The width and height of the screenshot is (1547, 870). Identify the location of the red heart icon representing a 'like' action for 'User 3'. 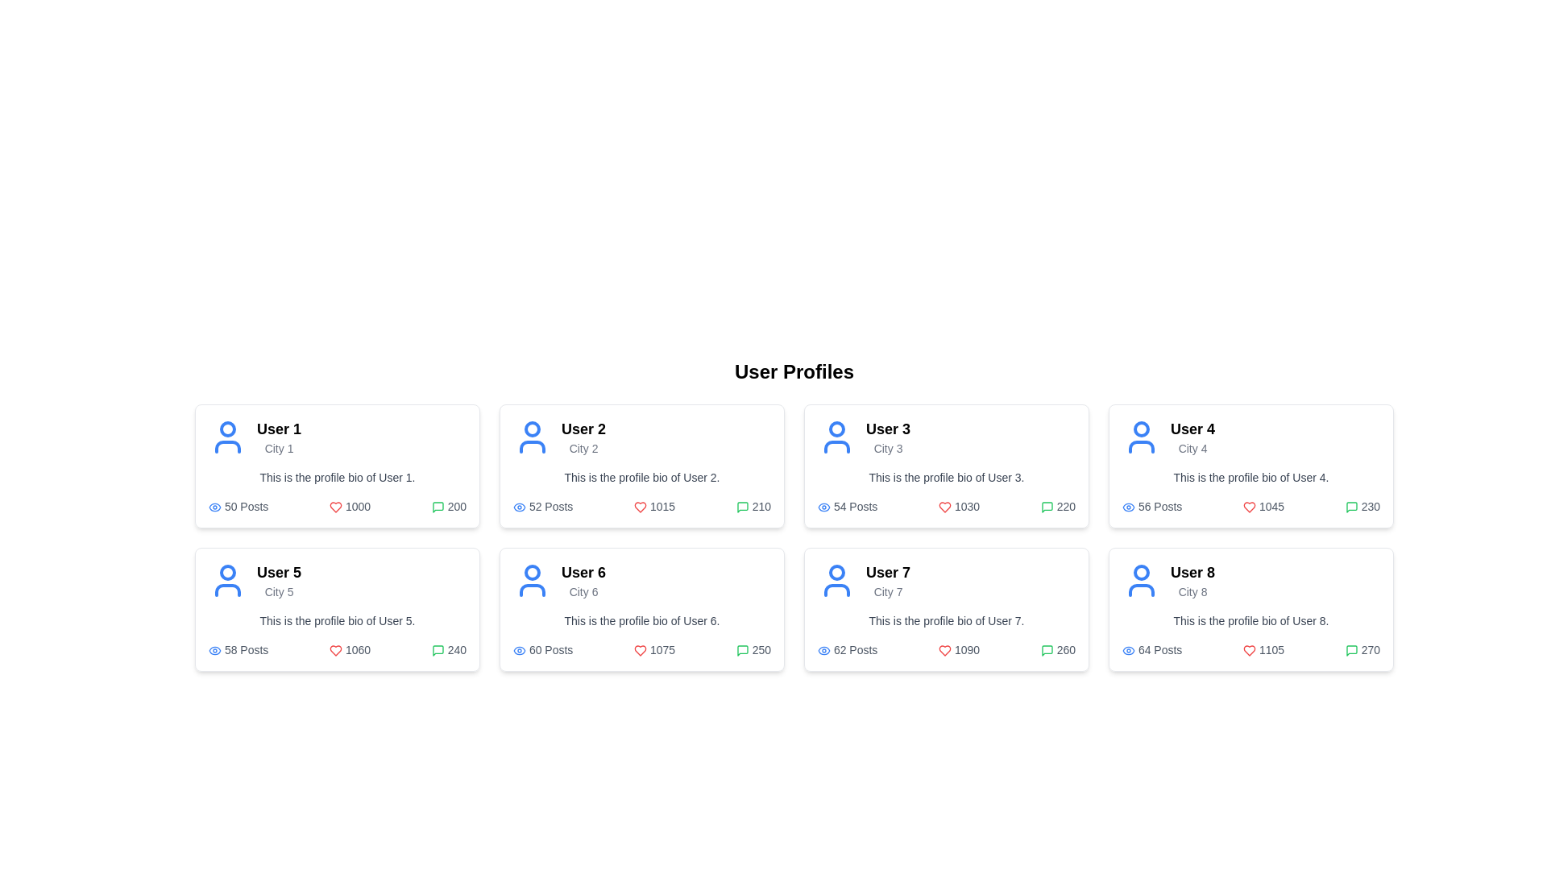
(945, 507).